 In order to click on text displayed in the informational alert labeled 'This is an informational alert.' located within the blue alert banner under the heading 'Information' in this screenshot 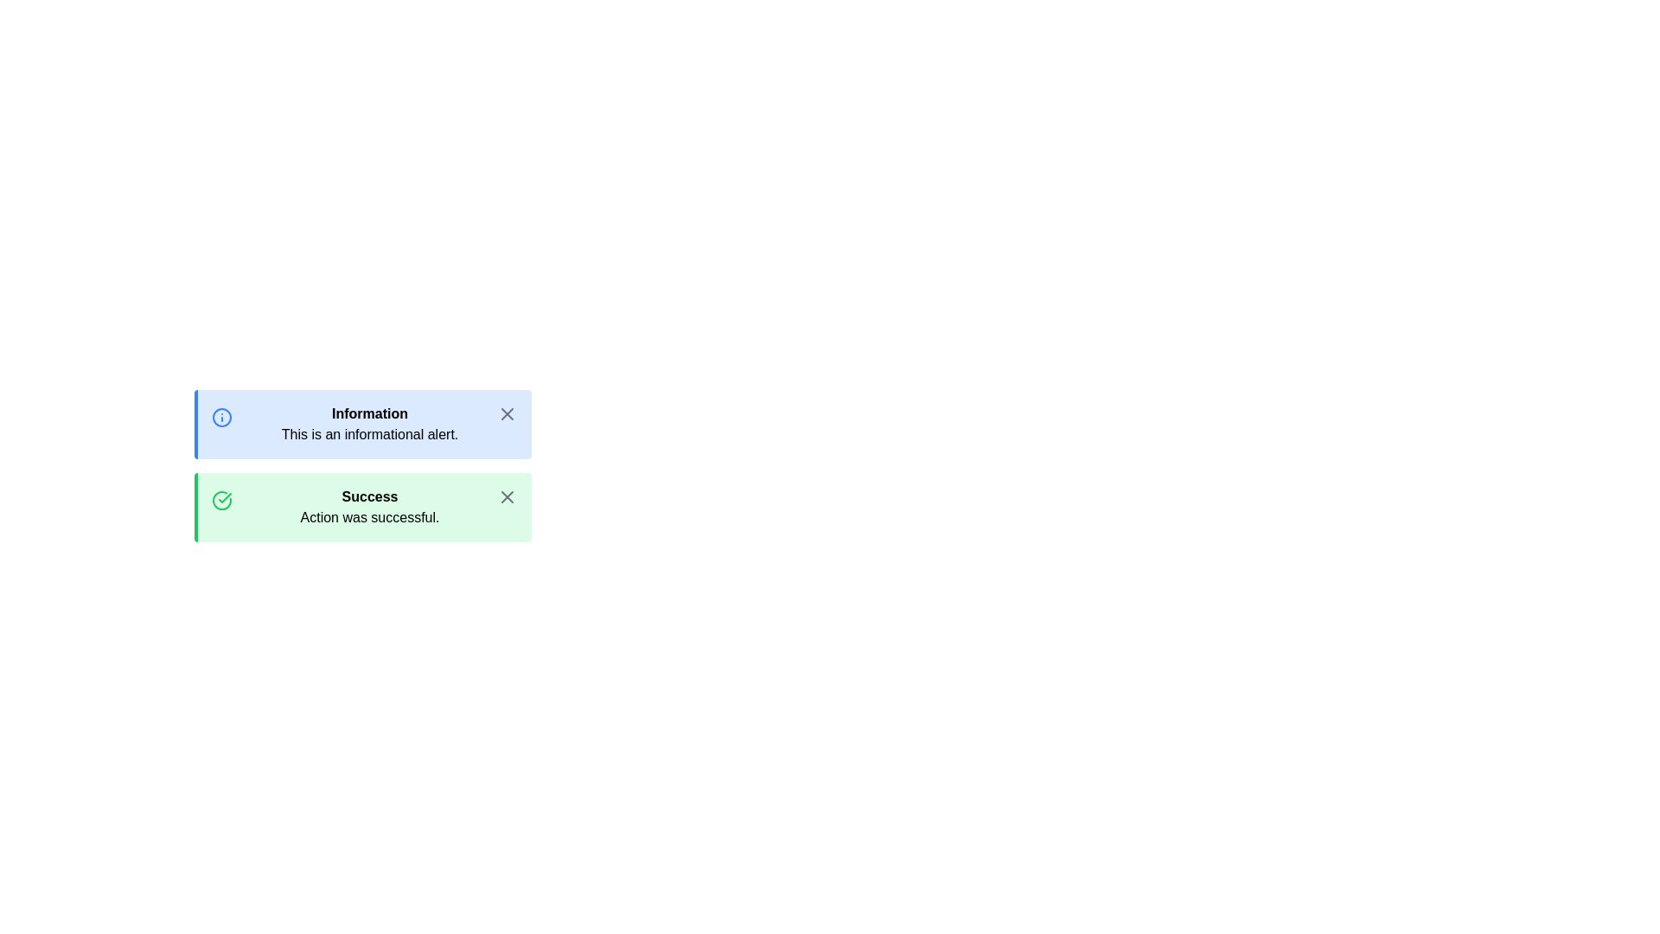, I will do `click(368, 433)`.